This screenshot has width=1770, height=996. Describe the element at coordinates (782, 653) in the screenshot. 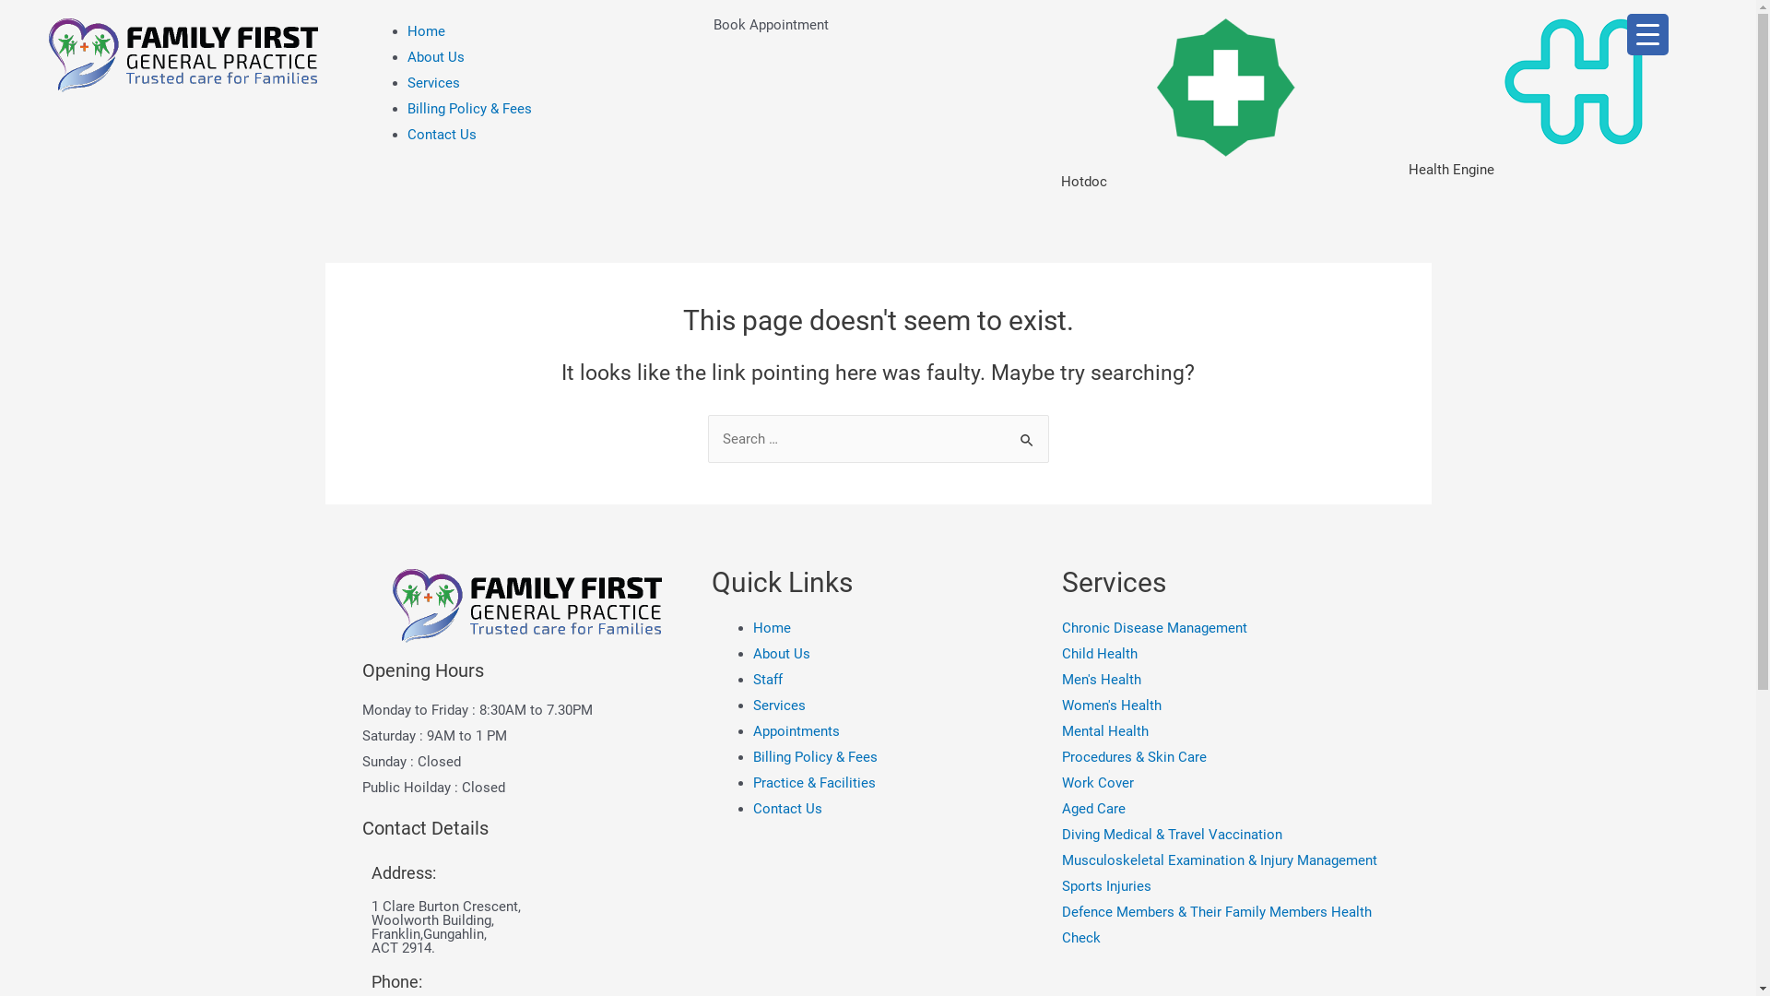

I see `'About Us'` at that location.